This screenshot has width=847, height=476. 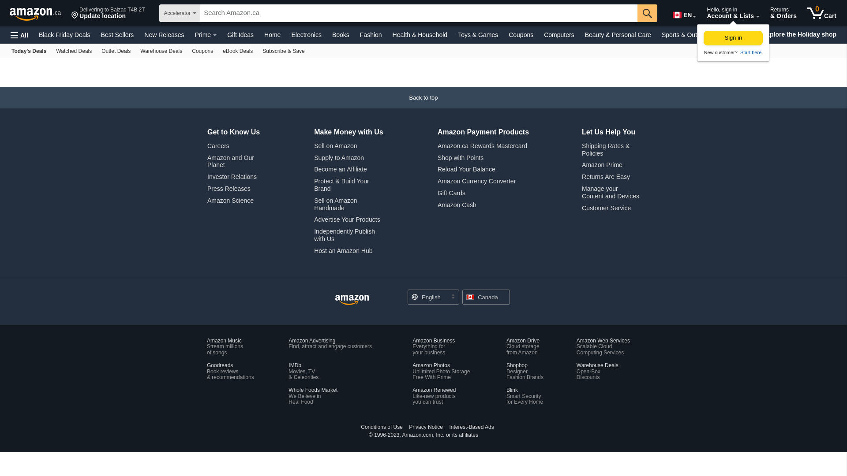 I want to click on 'Sell on Amazon', so click(x=335, y=145).